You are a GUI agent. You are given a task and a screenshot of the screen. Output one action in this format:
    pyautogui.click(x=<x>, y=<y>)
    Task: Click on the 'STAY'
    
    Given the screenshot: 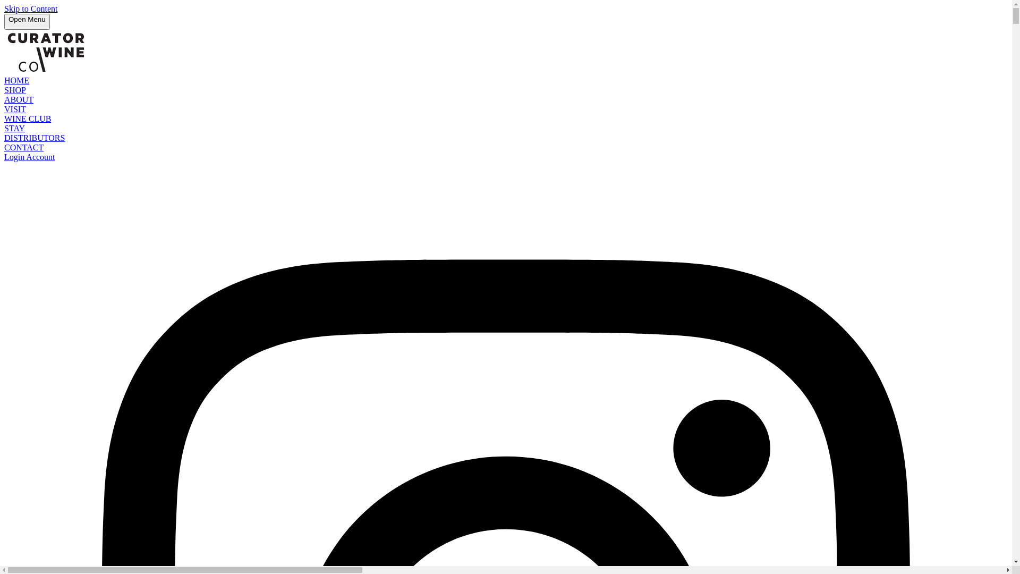 What is the action you would take?
    pyautogui.click(x=14, y=128)
    